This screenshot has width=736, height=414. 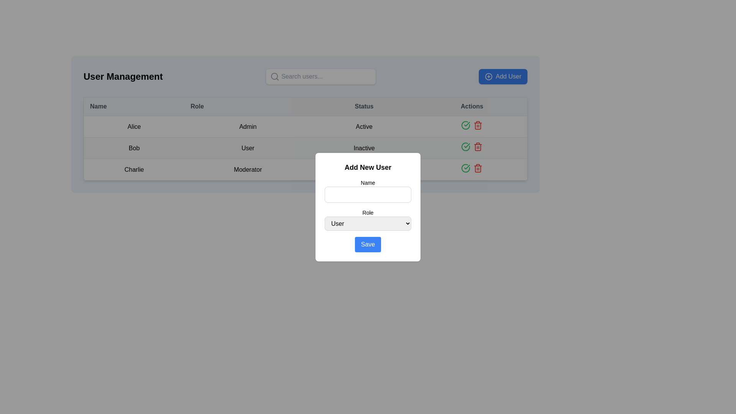 What do you see at coordinates (274, 77) in the screenshot?
I see `the search icon located to the left of the text entry field in the search bar interface to associate it with the adjacent text field` at bounding box center [274, 77].